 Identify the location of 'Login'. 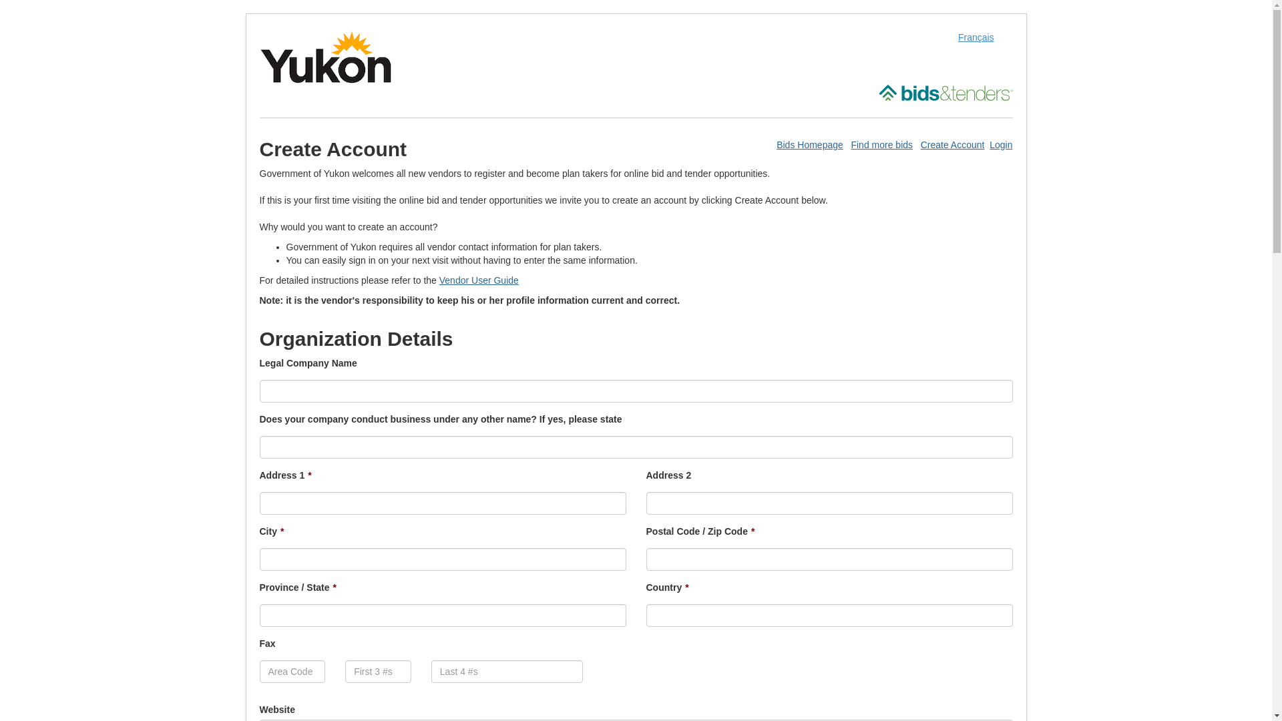
(1000, 144).